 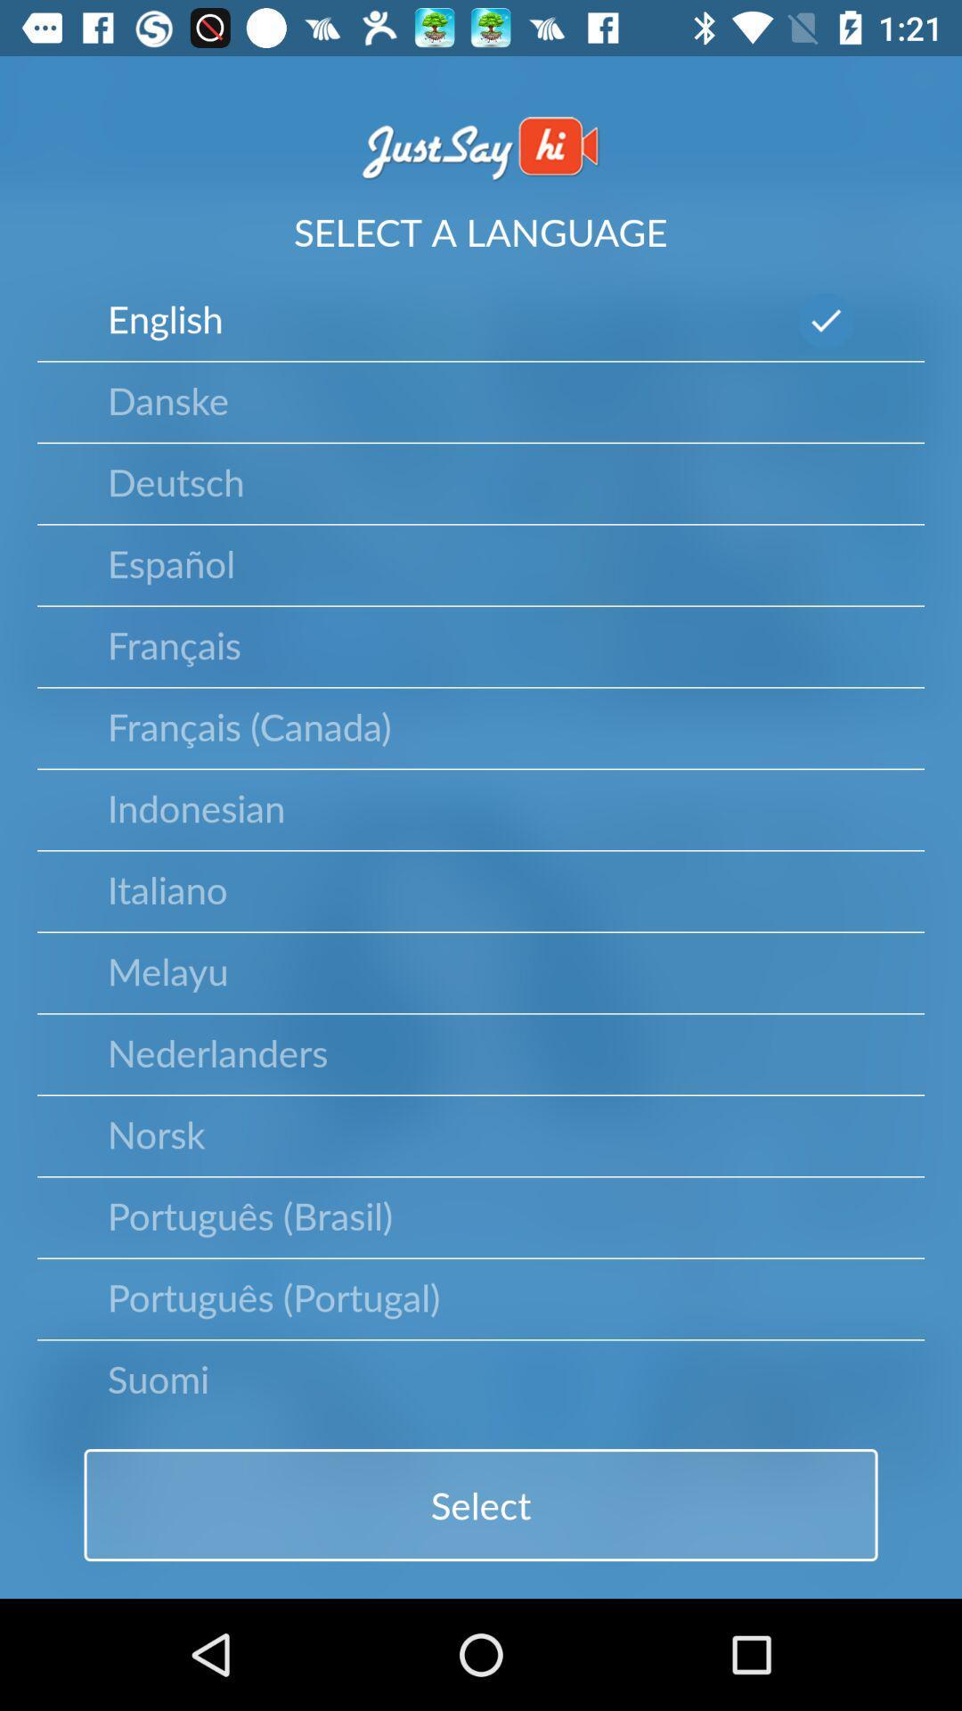 I want to click on norsk, so click(x=155, y=1133).